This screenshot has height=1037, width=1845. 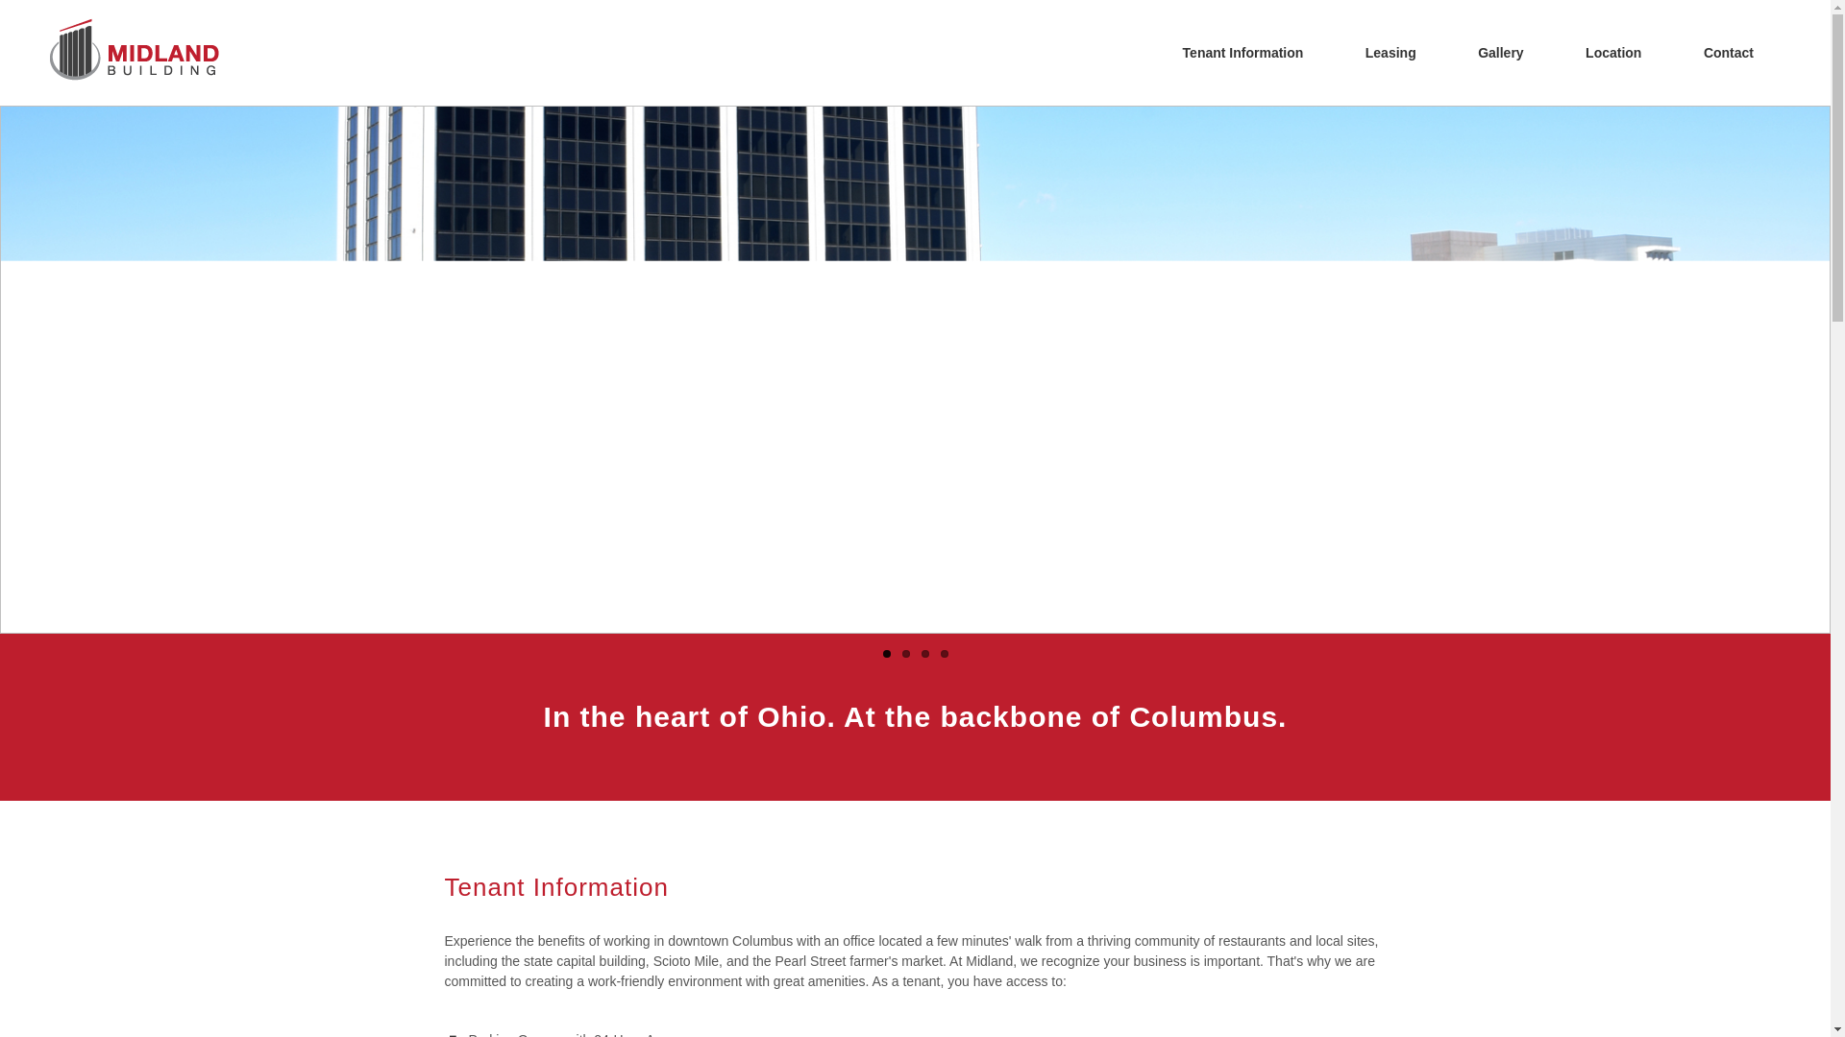 What do you see at coordinates (1586, 51) in the screenshot?
I see `'Location'` at bounding box center [1586, 51].